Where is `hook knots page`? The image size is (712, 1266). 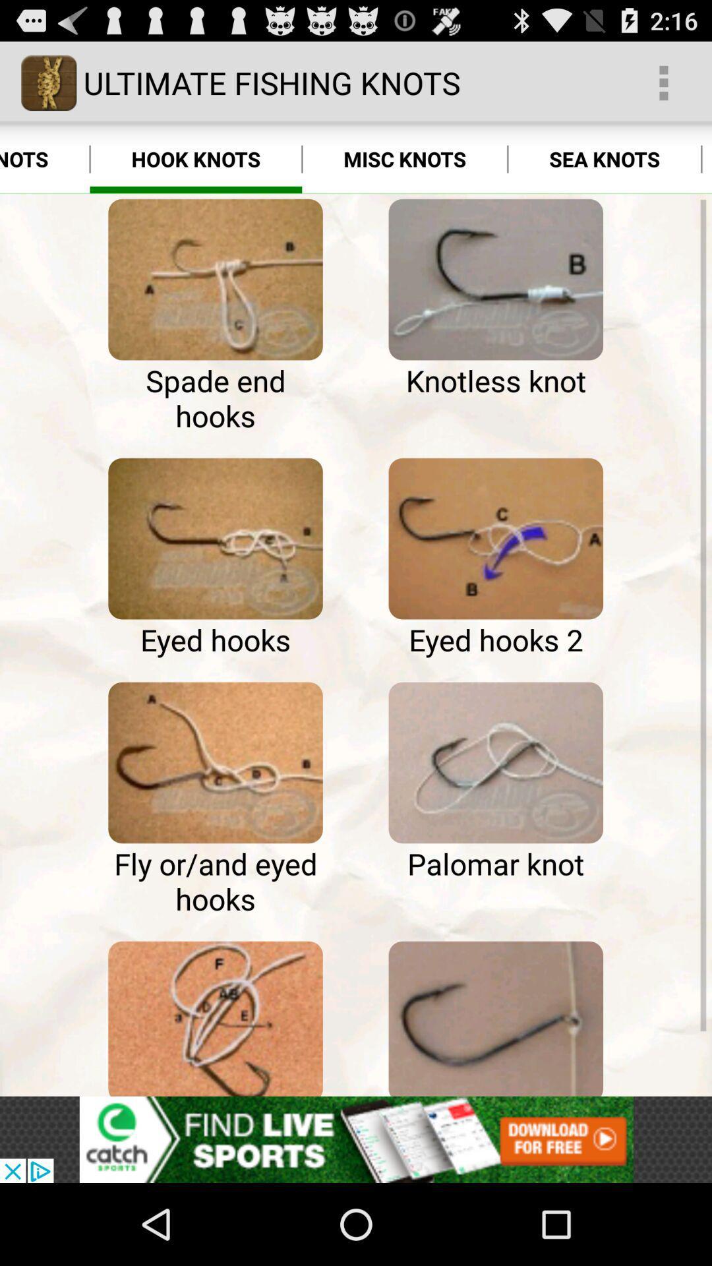
hook knots page is located at coordinates (496, 1015).